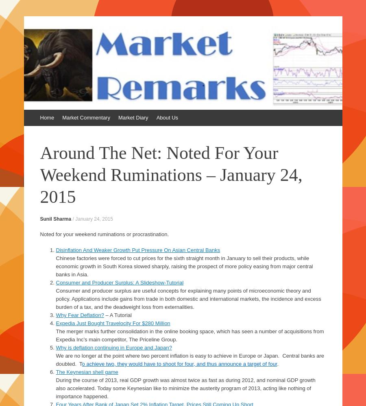 The height and width of the screenshot is (406, 366). What do you see at coordinates (73, 218) in the screenshot?
I see `'/'` at bounding box center [73, 218].